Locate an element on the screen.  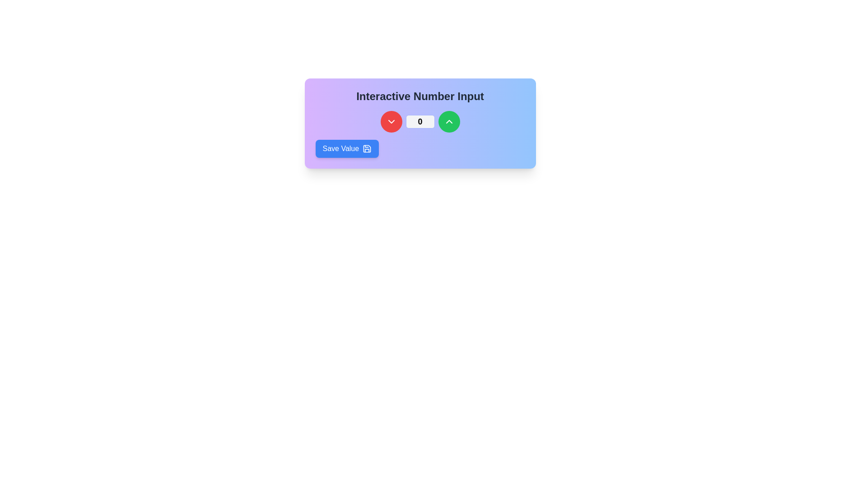
the decrease icon embedded in the red circular button to the left of the number input field is located at coordinates (391, 122).